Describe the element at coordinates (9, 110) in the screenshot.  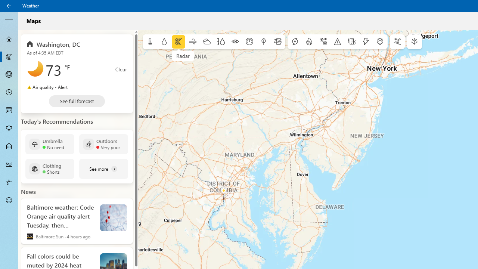
I see `'Monthly Forecast - Not Selected'` at that location.